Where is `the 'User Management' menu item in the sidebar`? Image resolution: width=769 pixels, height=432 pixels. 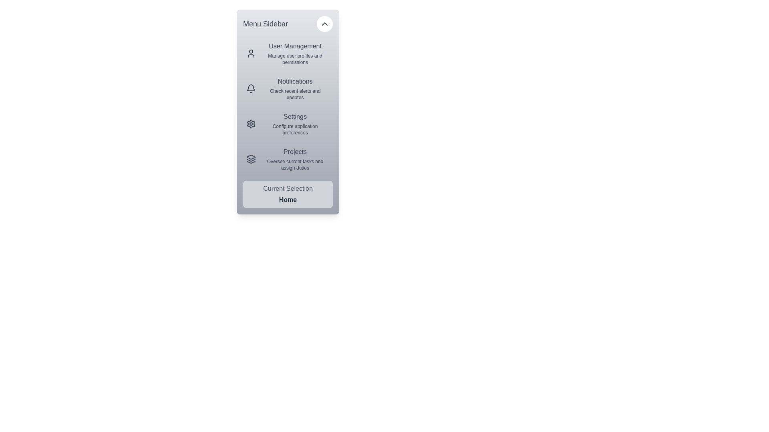
the 'User Management' menu item in the sidebar is located at coordinates (295, 54).